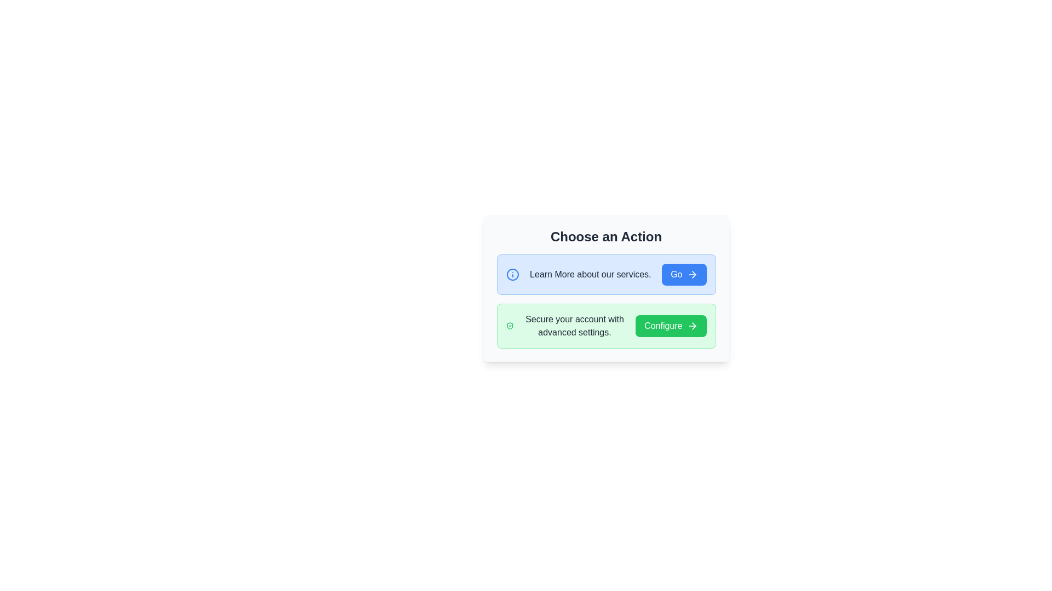 The height and width of the screenshot is (591, 1052). Describe the element at coordinates (693, 326) in the screenshot. I see `the arrow icon inside the 'Configure' button, which signifies moving forward or confirming the operation` at that location.